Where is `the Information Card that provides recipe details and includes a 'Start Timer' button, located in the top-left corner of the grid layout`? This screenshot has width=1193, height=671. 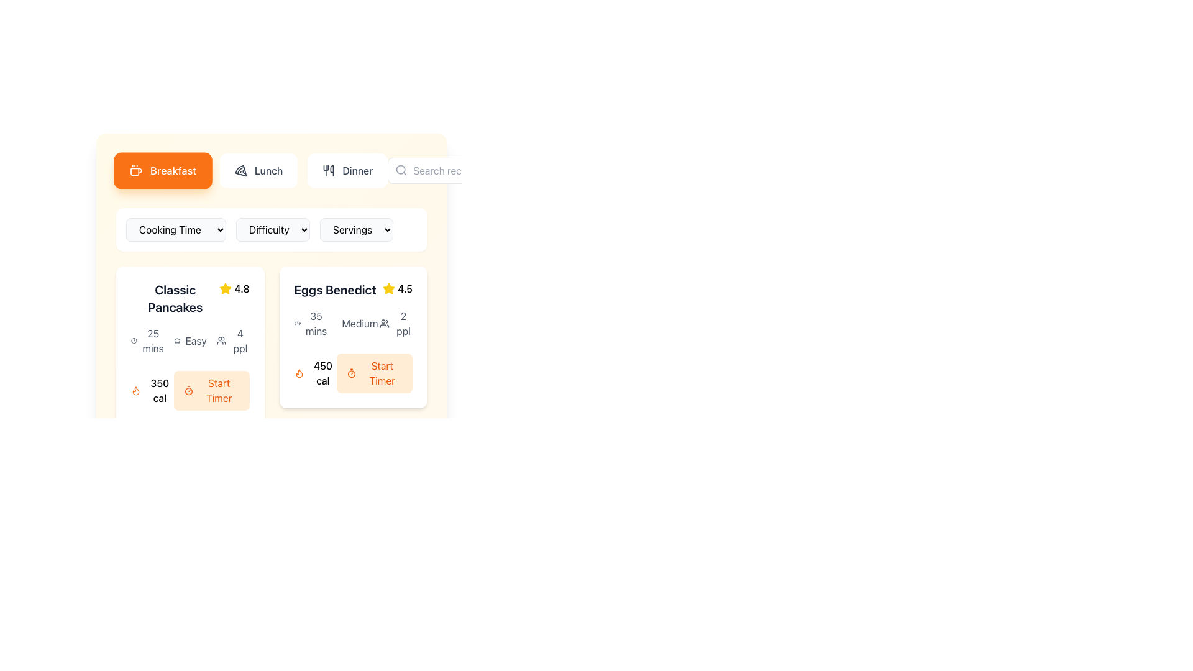 the Information Card that provides recipe details and includes a 'Start Timer' button, located in the top-left corner of the grid layout is located at coordinates (190, 345).